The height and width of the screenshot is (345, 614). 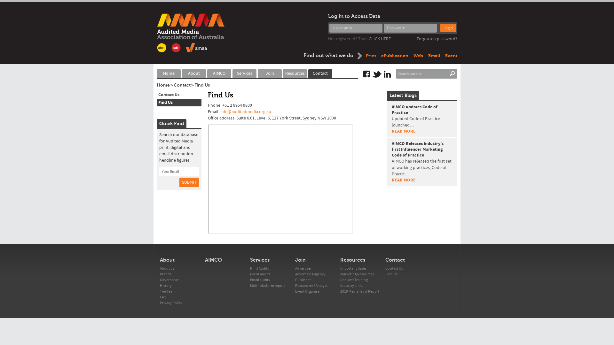 What do you see at coordinates (377, 73) in the screenshot?
I see `'Twitter'` at bounding box center [377, 73].